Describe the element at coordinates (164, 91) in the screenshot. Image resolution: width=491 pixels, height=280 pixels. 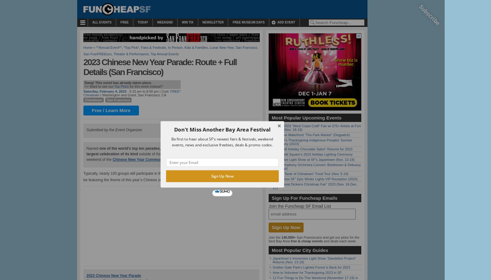
I see `'| Cost:'` at that location.